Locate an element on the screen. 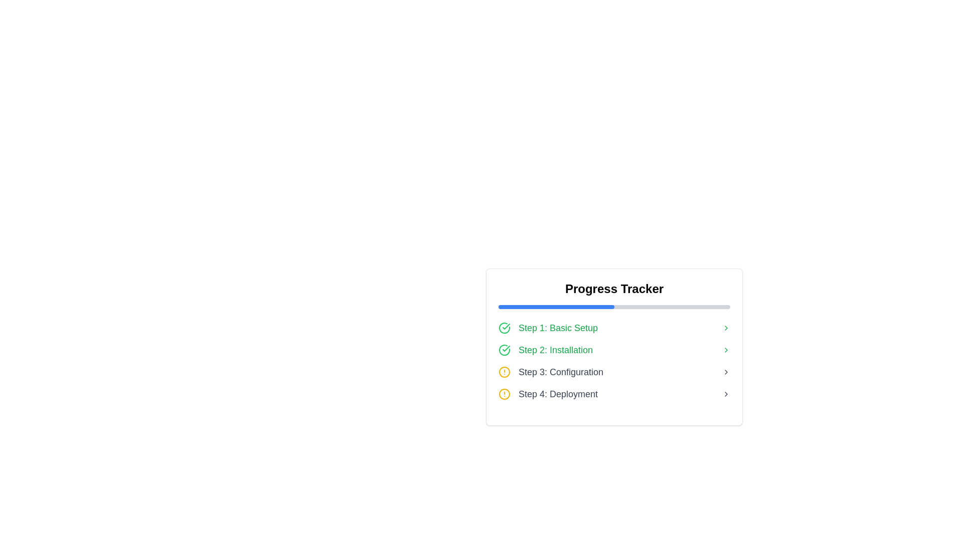 Image resolution: width=963 pixels, height=541 pixels. the circular outline of the SVG graphic element associated with 'Step 4: Deployment' in the progress tracker is located at coordinates (505, 393).